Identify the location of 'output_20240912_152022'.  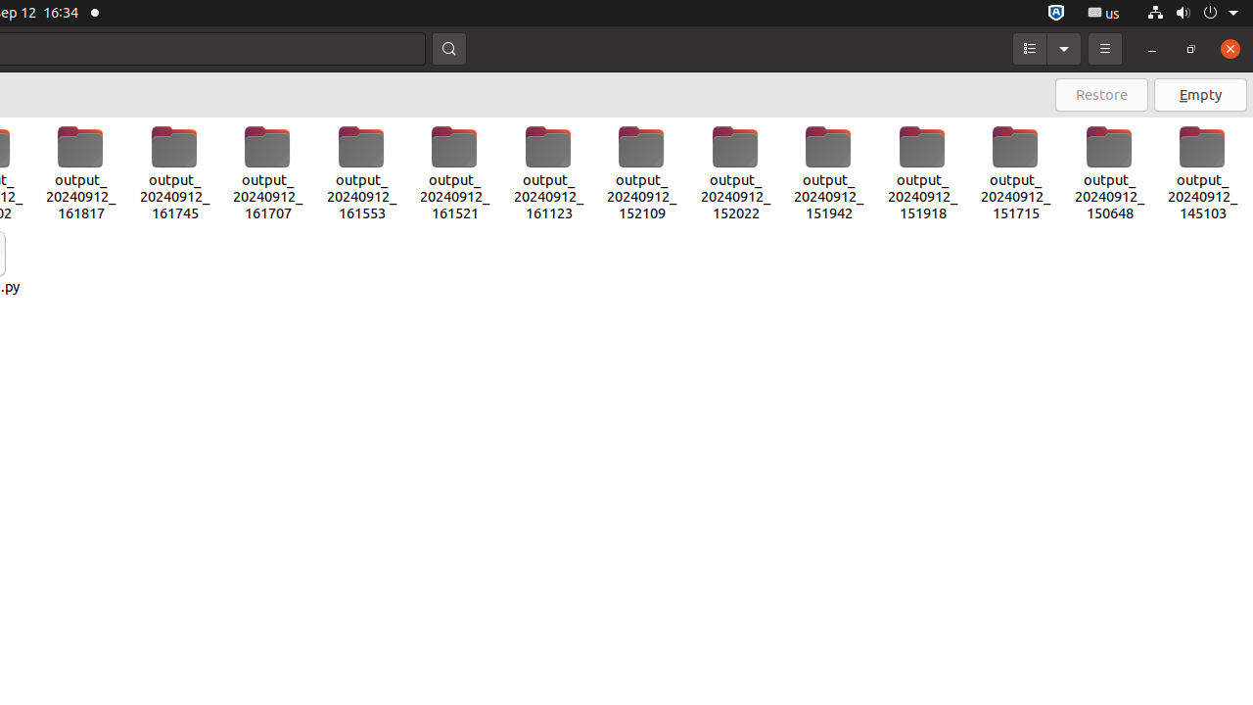
(733, 172).